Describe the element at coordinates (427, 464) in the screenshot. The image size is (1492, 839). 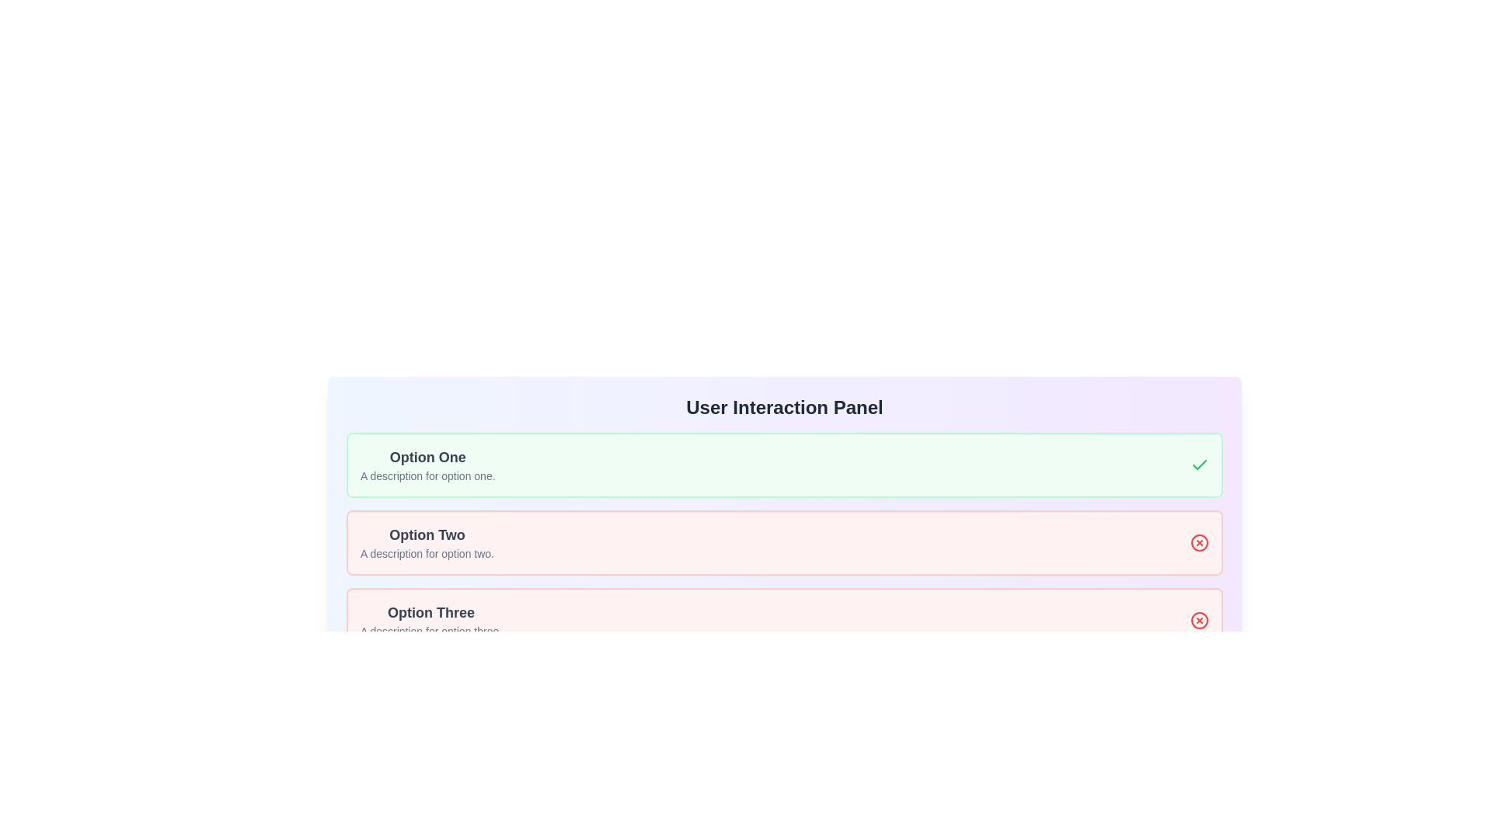
I see `descriptive text displayed in the TextDisplay element, which is located at the start of the first option in a list with a green background and rounded edges` at that location.